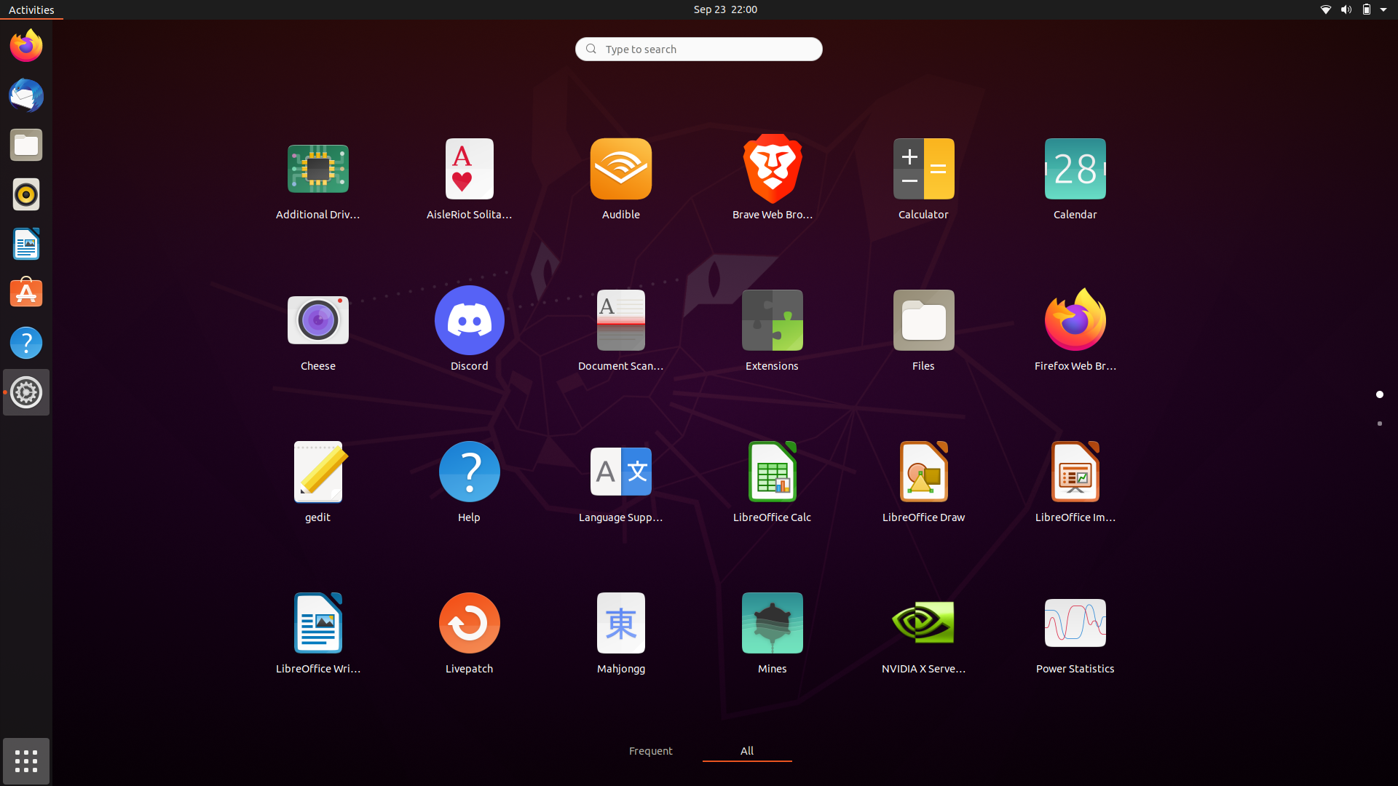 The height and width of the screenshot is (786, 1398). Describe the element at coordinates (318, 631) in the screenshot. I see `Click open the Word app` at that location.